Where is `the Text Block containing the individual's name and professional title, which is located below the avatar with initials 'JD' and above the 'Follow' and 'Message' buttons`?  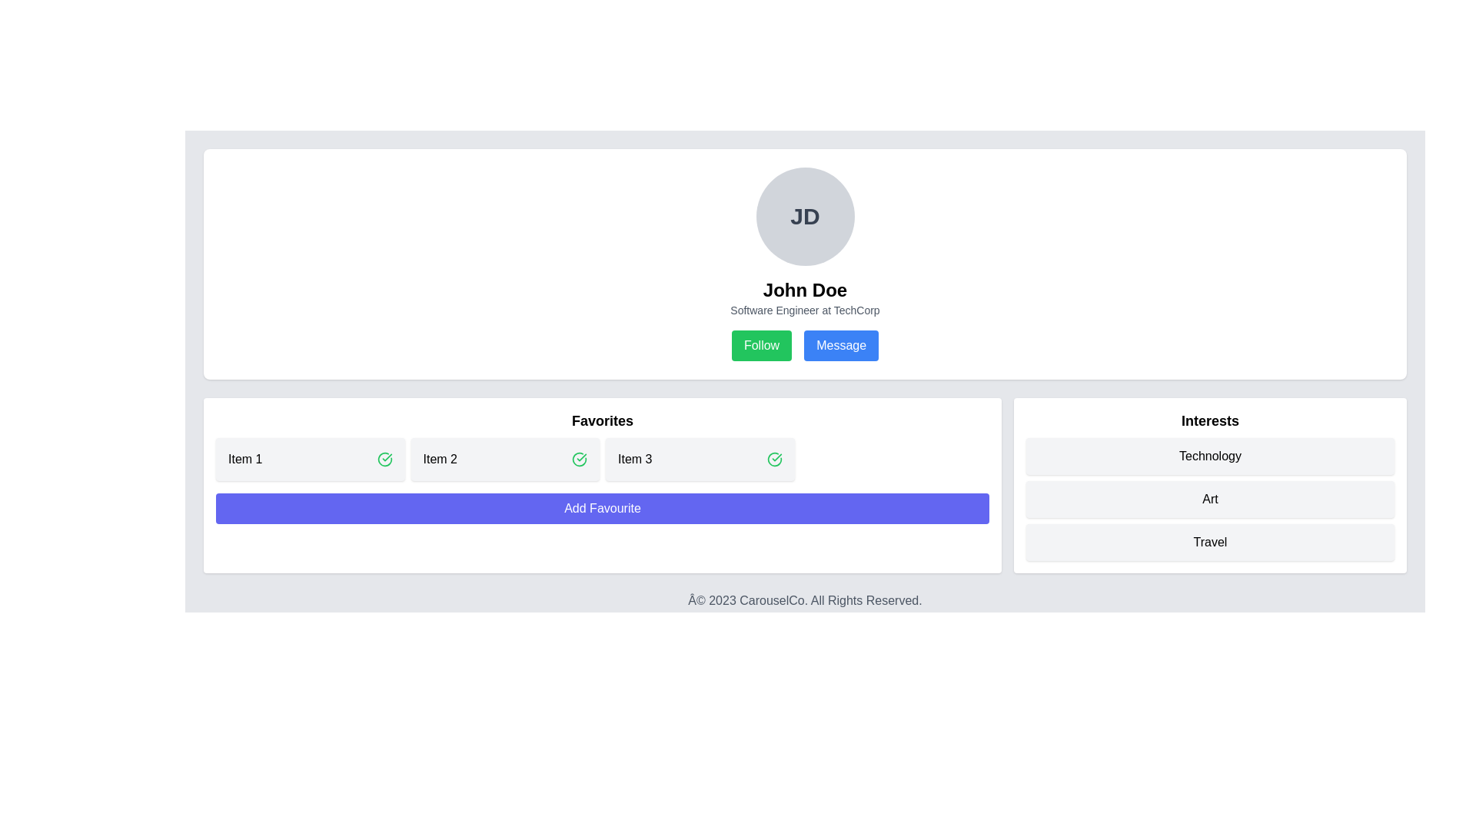 the Text Block containing the individual's name and professional title, which is located below the avatar with initials 'JD' and above the 'Follow' and 'Message' buttons is located at coordinates (804, 298).